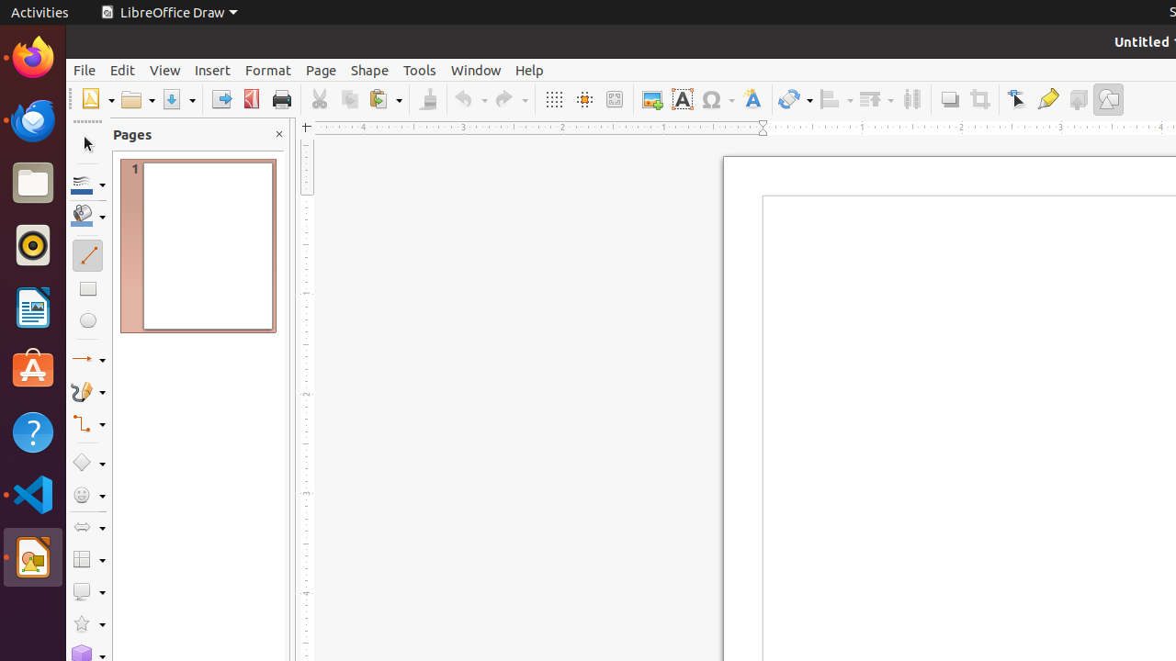 Image resolution: width=1176 pixels, height=661 pixels. I want to click on 'Edit', so click(121, 69).